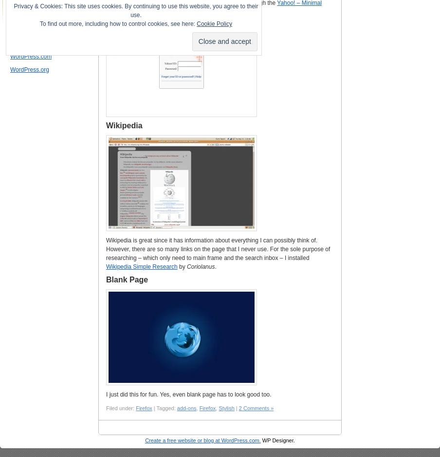 The width and height of the screenshot is (440, 457). Describe the element at coordinates (124, 125) in the screenshot. I see `'Wikipedia'` at that location.